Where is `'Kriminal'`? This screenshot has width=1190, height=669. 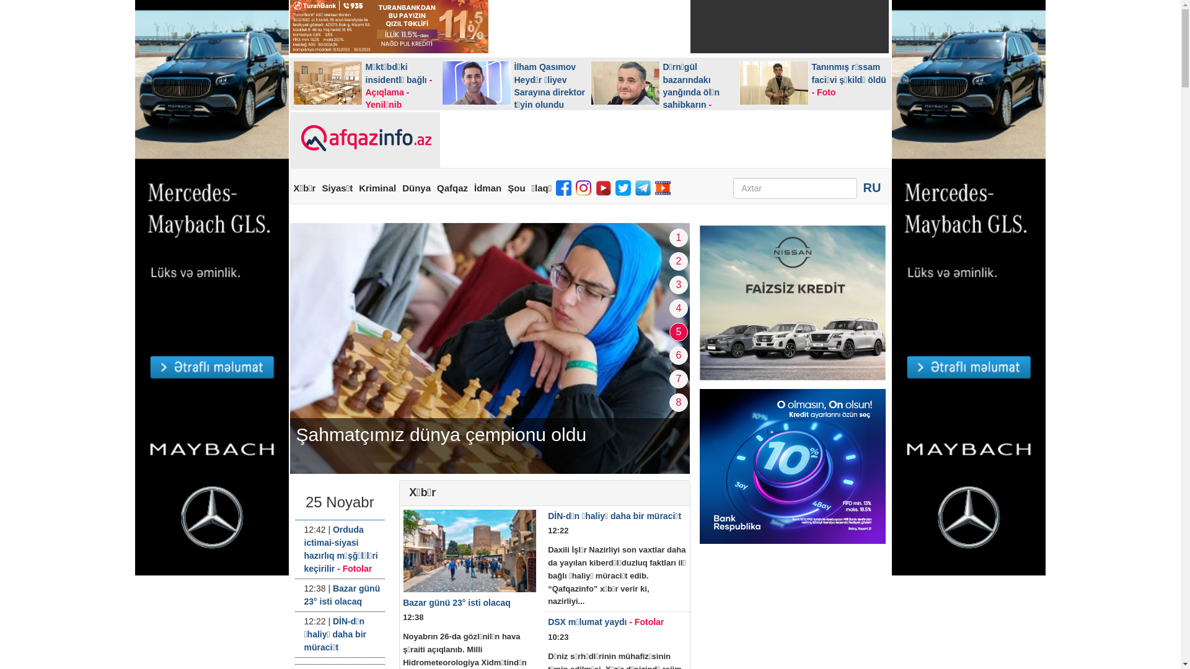 'Kriminal' is located at coordinates (377, 188).